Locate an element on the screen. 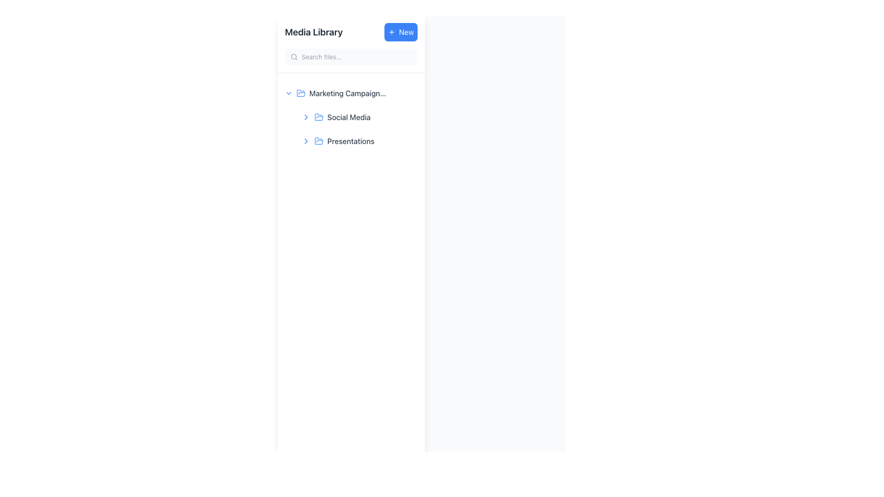 The image size is (884, 497). the 'Presentations' text label, which is styled in gray font and is the second folder entry under the 'Marketing Campaigns' section is located at coordinates (350, 141).